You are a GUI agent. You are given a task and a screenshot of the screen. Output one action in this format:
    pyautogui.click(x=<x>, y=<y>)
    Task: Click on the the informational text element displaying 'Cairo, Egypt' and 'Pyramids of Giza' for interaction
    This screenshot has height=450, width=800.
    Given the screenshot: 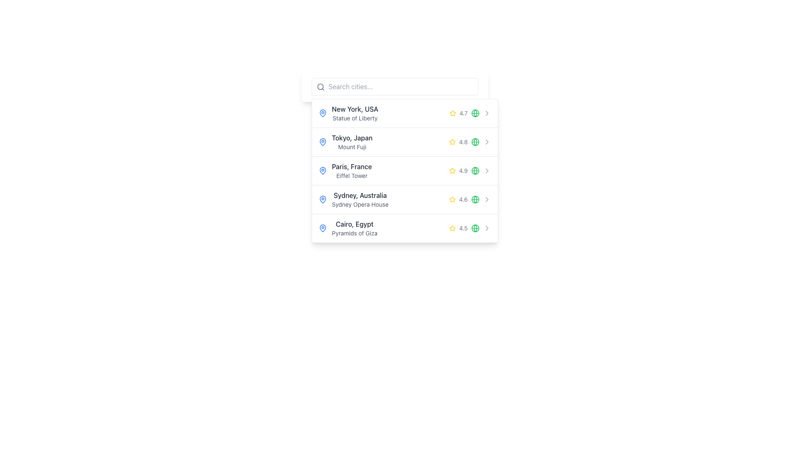 What is the action you would take?
    pyautogui.click(x=354, y=228)
    